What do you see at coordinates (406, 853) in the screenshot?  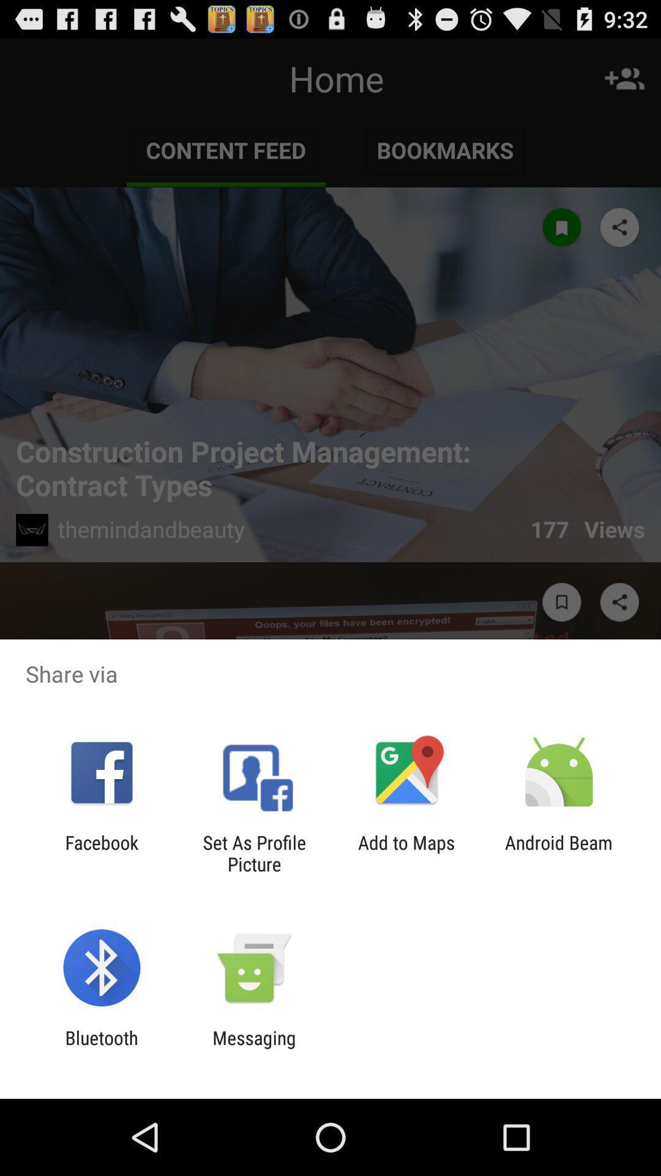 I see `the app to the right of set as profile` at bounding box center [406, 853].